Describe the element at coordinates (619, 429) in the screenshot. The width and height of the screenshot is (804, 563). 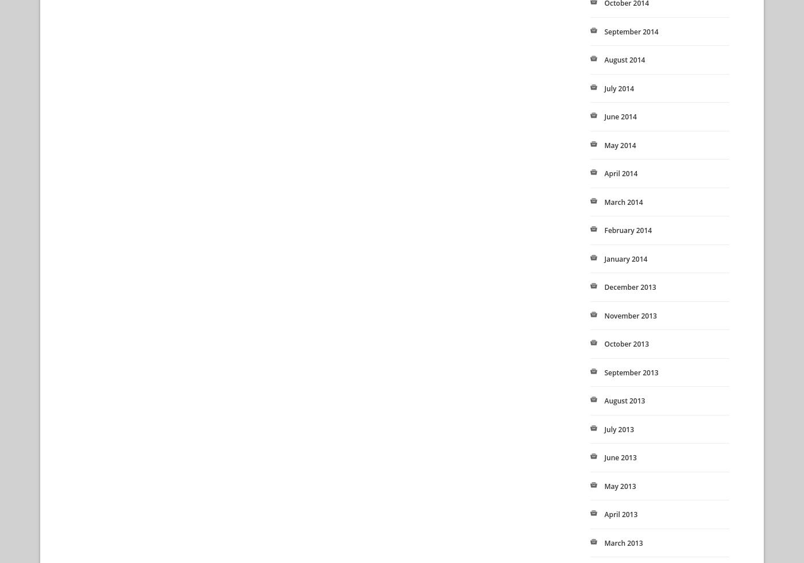
I see `'July 2013'` at that location.